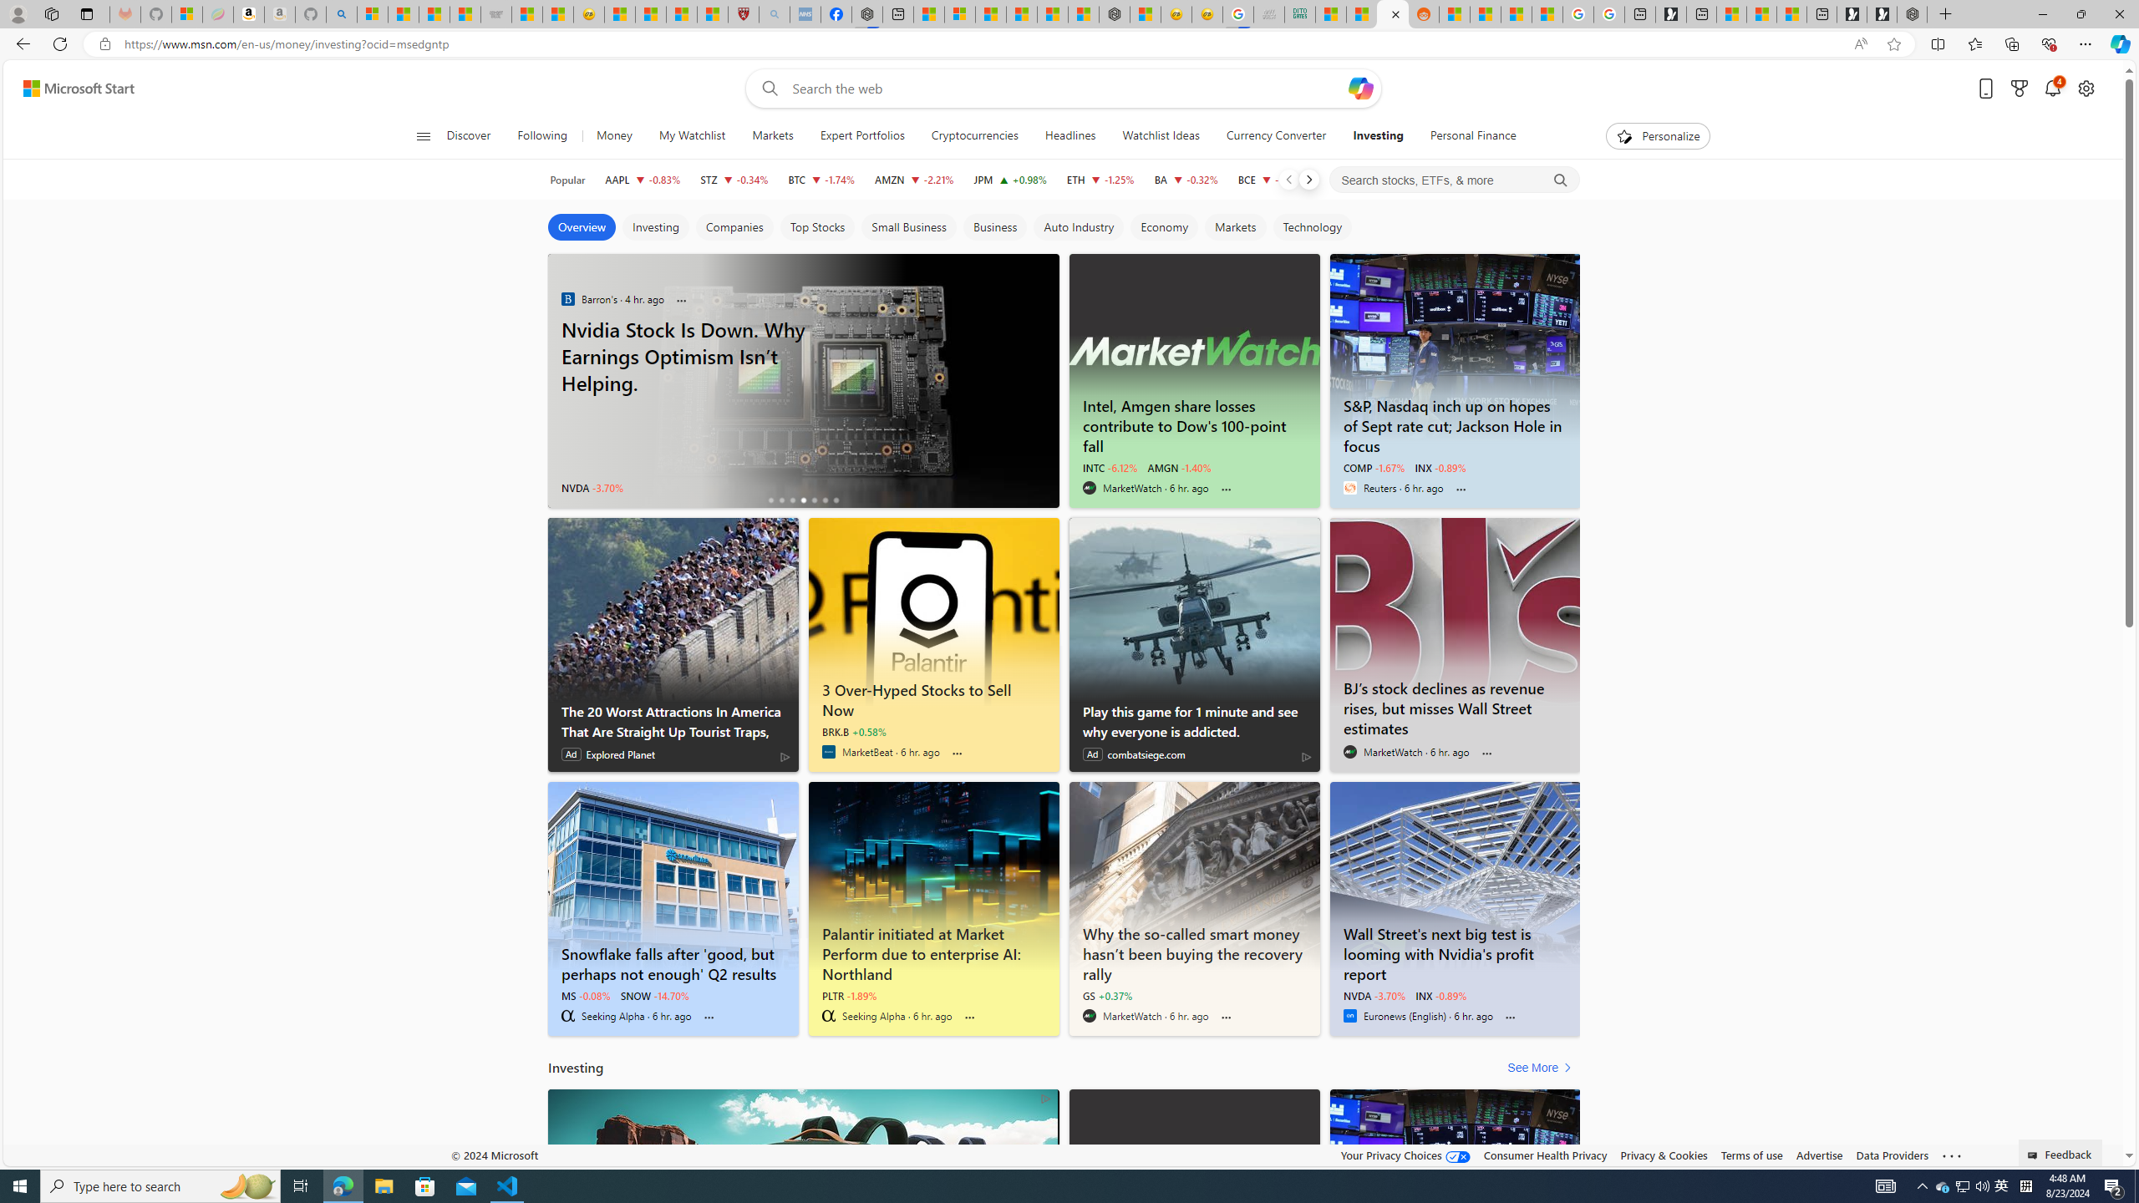 The width and height of the screenshot is (2139, 1203). What do you see at coordinates (712, 13) in the screenshot?
I see `'12 Popular Science Lies that Must be Corrected'` at bounding box center [712, 13].